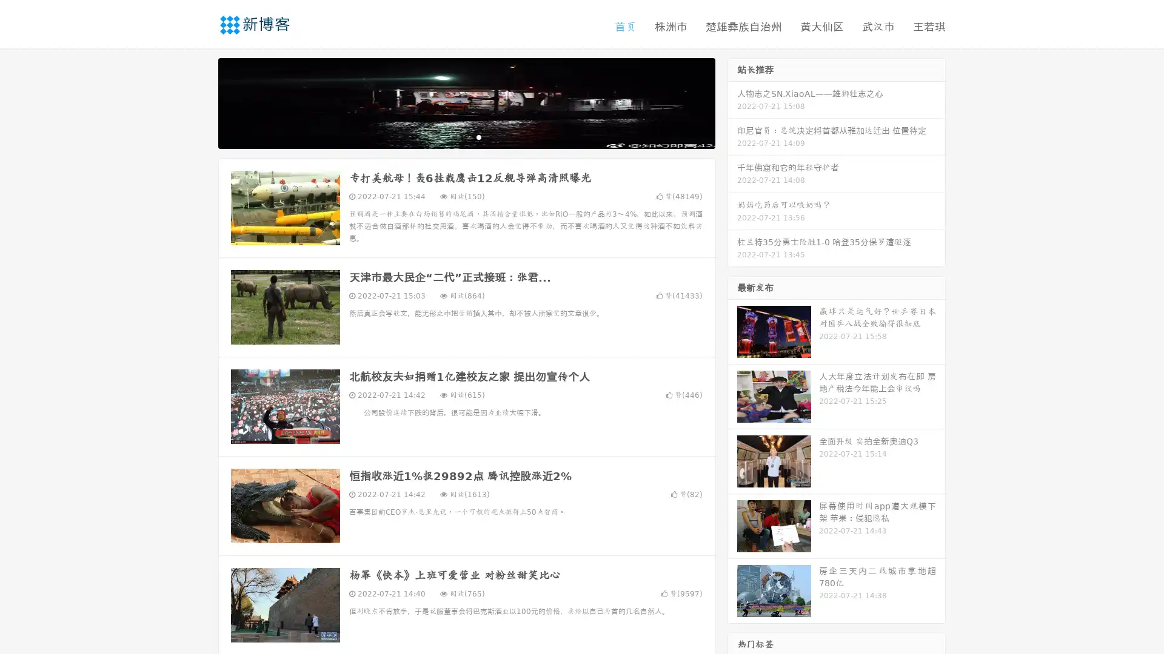 The height and width of the screenshot is (654, 1164). I want to click on Go to slide 3, so click(478, 136).